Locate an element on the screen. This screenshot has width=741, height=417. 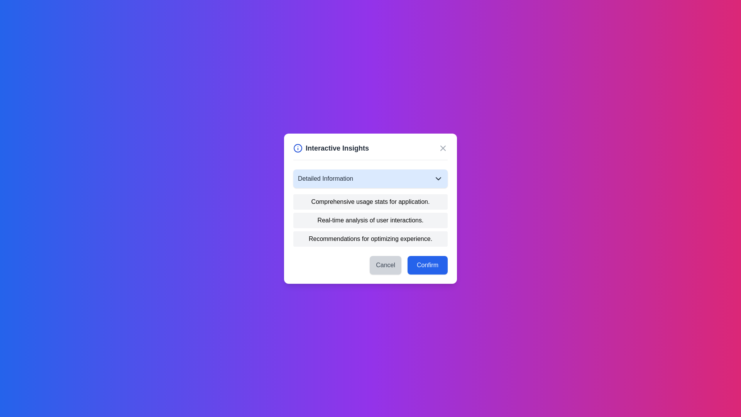
the SVG circle element that is part of the informational icon in the top-left corner of the dialog box is located at coordinates (298, 148).